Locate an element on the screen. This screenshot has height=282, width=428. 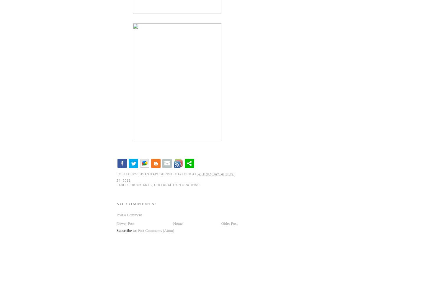
'Newer Post' is located at coordinates (125, 223).